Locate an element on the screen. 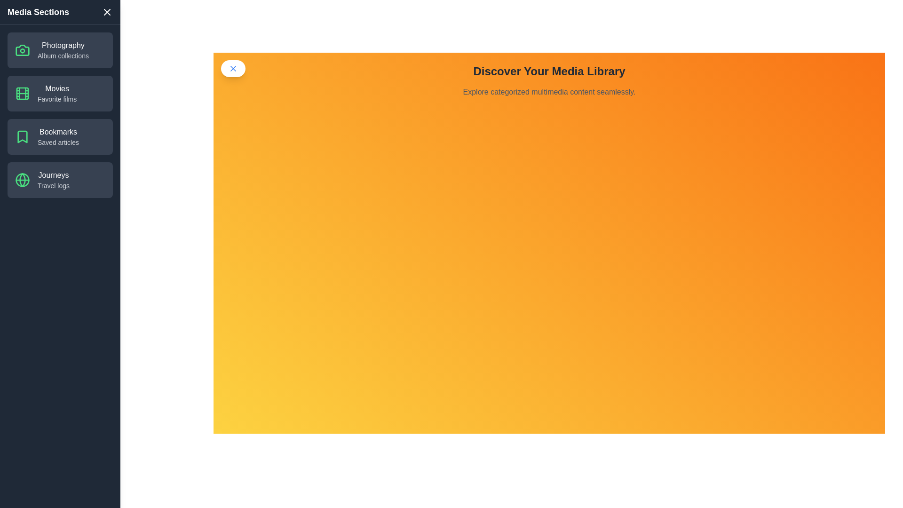 The image size is (903, 508). the category Bookmarks from the list is located at coordinates (60, 136).